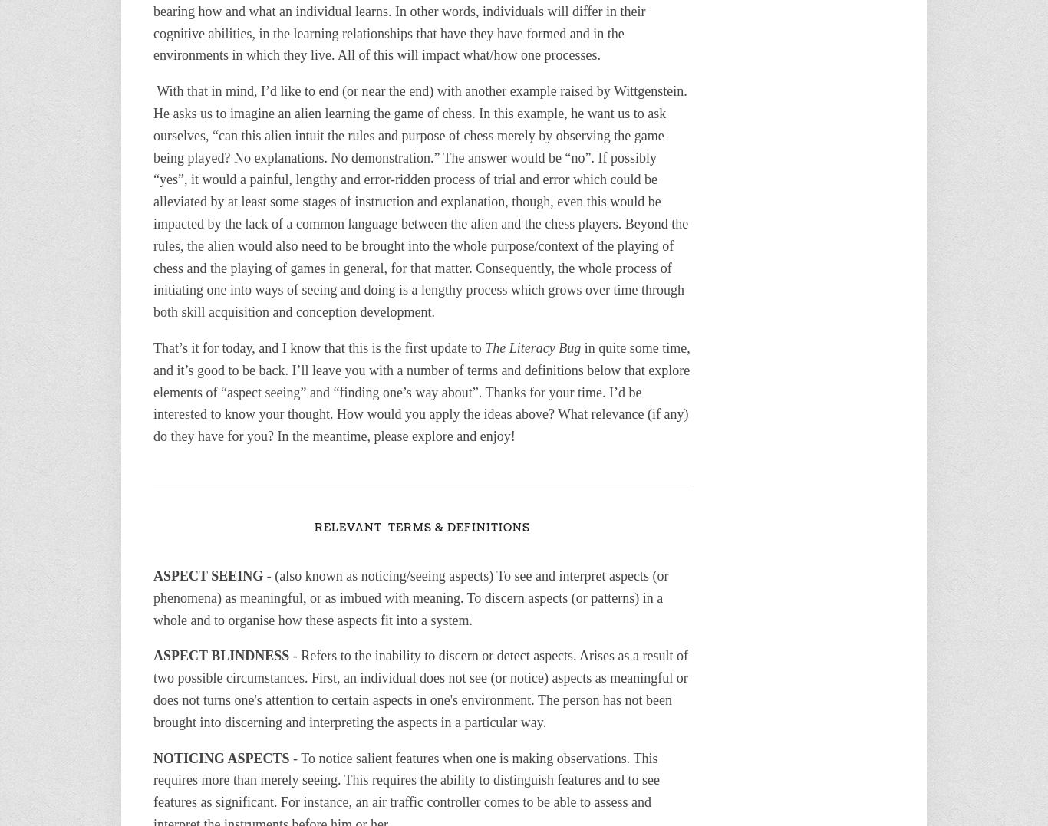 The image size is (1048, 826). I want to click on 'With that in mind, I’d like to end (or near the end) with another example raised by Wittgenstein. He asks us to imagine an alien learning the game of chess. In this example, he want us to ask ourselves, “can this alien intuit the rules and purpose of chess merely by observing the game being played? No explanations. No demonstration.” The answer would be “no”. If possibly “yes”, it would a painful, lengthy and error-ridden process of trial and error which could be alleviated by at least some stages of instruction and explanation, though, even this would be impacted by the lack of a common language between the alien and the chess players. Beyond the rules, the alien would also need to be brought into the whole purpose/context of the playing of chess and the playing of games in general, for that matter. Consequently, the whole process of initiating one into ways of seeing and doing is a lengthy process which grows over time through both skill acquisition and conception development.', so click(422, 201).